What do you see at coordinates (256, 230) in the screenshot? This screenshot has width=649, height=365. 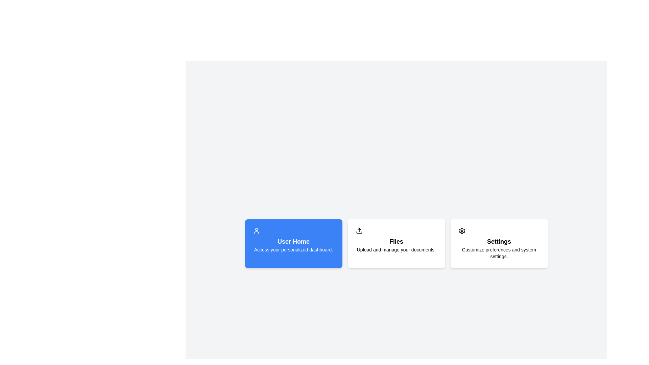 I see `the user silhouette icon located at the top-left corner of the 'User Home' button, which is styled with a white-on-blue color scheme and is part of a group of three horizontally aligned buttons` at bounding box center [256, 230].